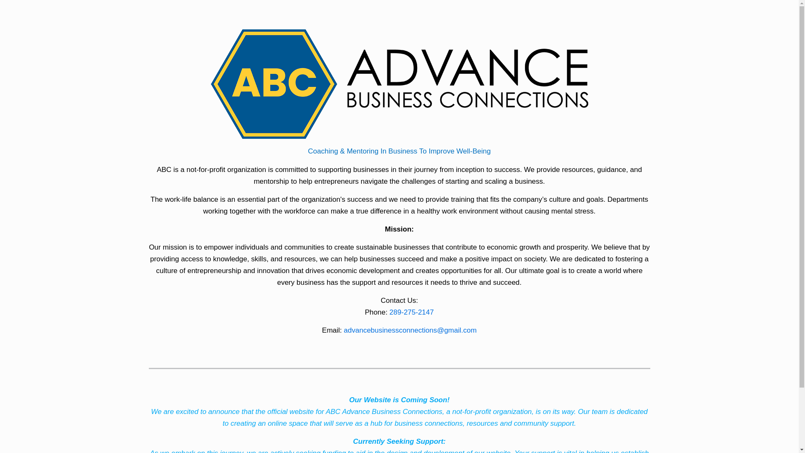  I want to click on '289-275-2147', so click(412, 312).